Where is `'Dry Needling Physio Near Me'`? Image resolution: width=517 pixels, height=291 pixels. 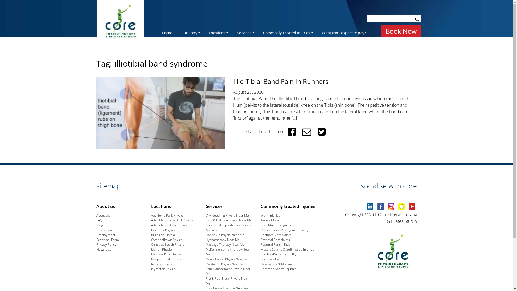
'Dry Needling Physio Near Me' is located at coordinates (227, 215).